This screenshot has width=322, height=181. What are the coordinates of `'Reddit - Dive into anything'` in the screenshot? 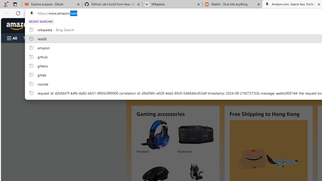 It's located at (232, 4).